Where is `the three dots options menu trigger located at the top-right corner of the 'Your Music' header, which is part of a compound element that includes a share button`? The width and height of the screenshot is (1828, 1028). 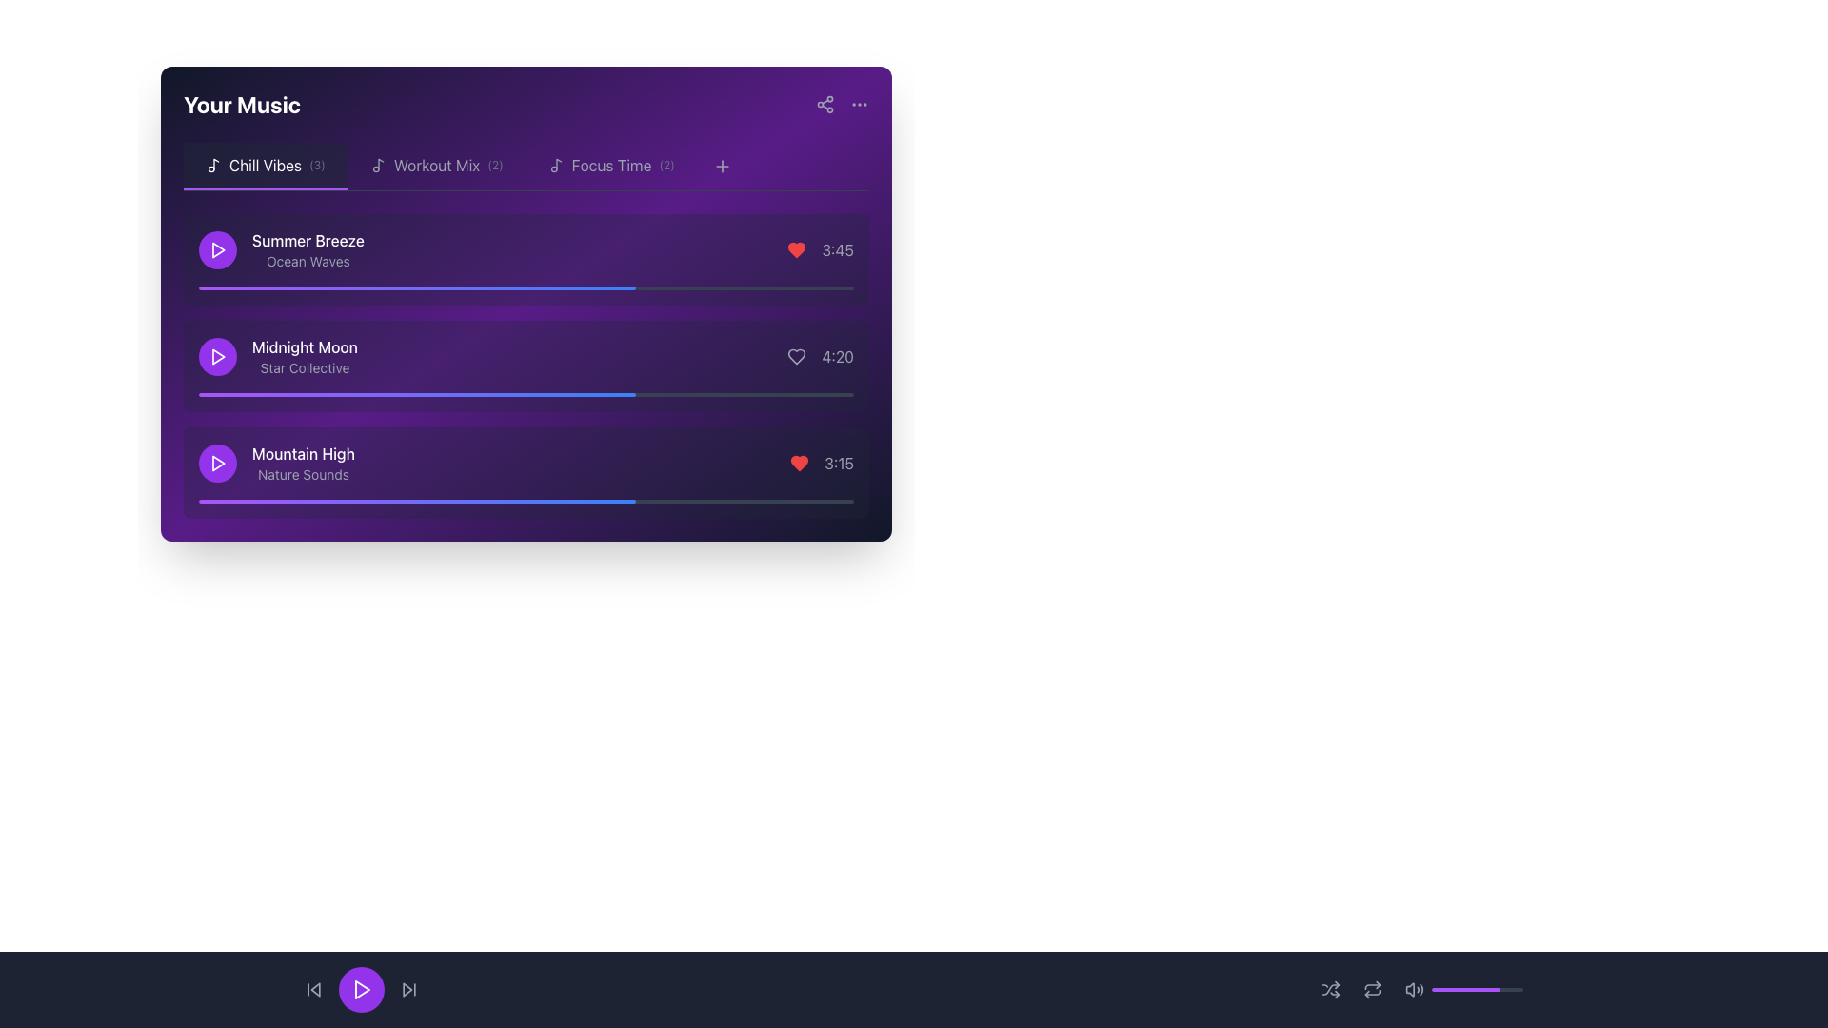 the three dots options menu trigger located at the top-right corner of the 'Your Music' header, which is part of a compound element that includes a share button is located at coordinates (841, 105).